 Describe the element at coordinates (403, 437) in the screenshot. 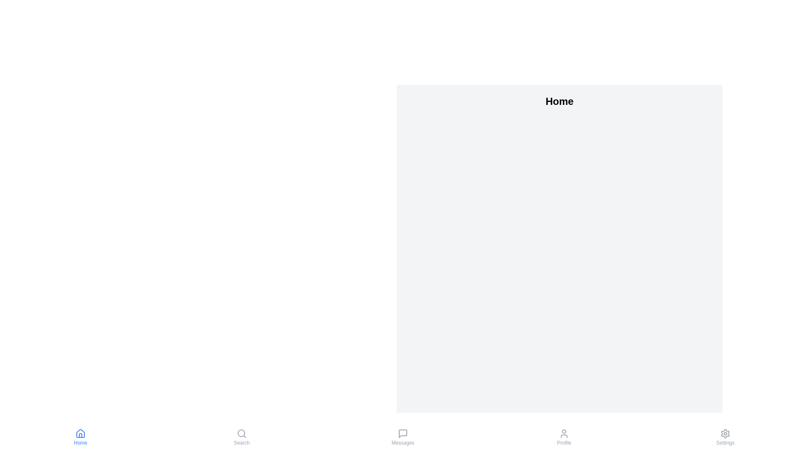

I see `the Navigation button, which features a chat bubble icon above the text 'Messages' in a minimalist style, located in the bottom navigation bar` at that location.